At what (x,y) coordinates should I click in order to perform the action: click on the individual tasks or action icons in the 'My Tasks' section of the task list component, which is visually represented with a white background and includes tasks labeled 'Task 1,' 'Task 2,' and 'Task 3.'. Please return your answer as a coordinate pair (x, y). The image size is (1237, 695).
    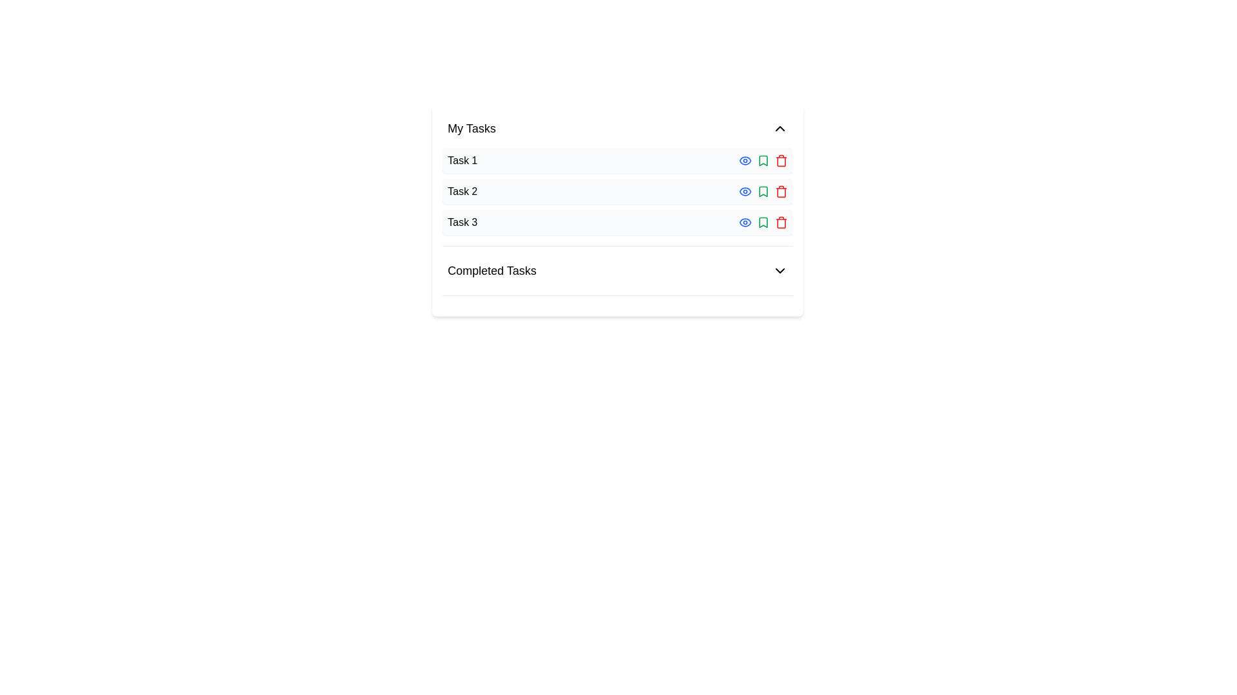
    Looking at the image, I should click on (617, 180).